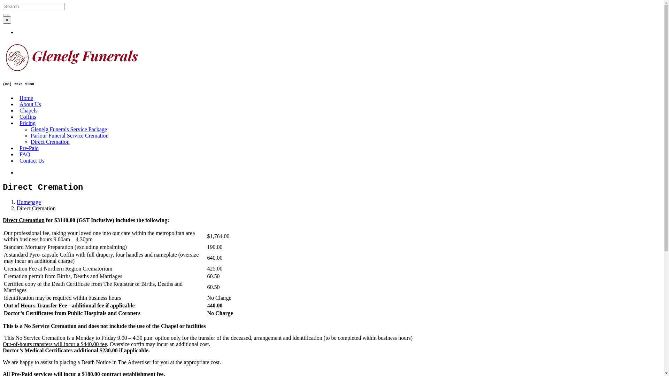  What do you see at coordinates (29, 148) in the screenshot?
I see `'Pre-Paid'` at bounding box center [29, 148].